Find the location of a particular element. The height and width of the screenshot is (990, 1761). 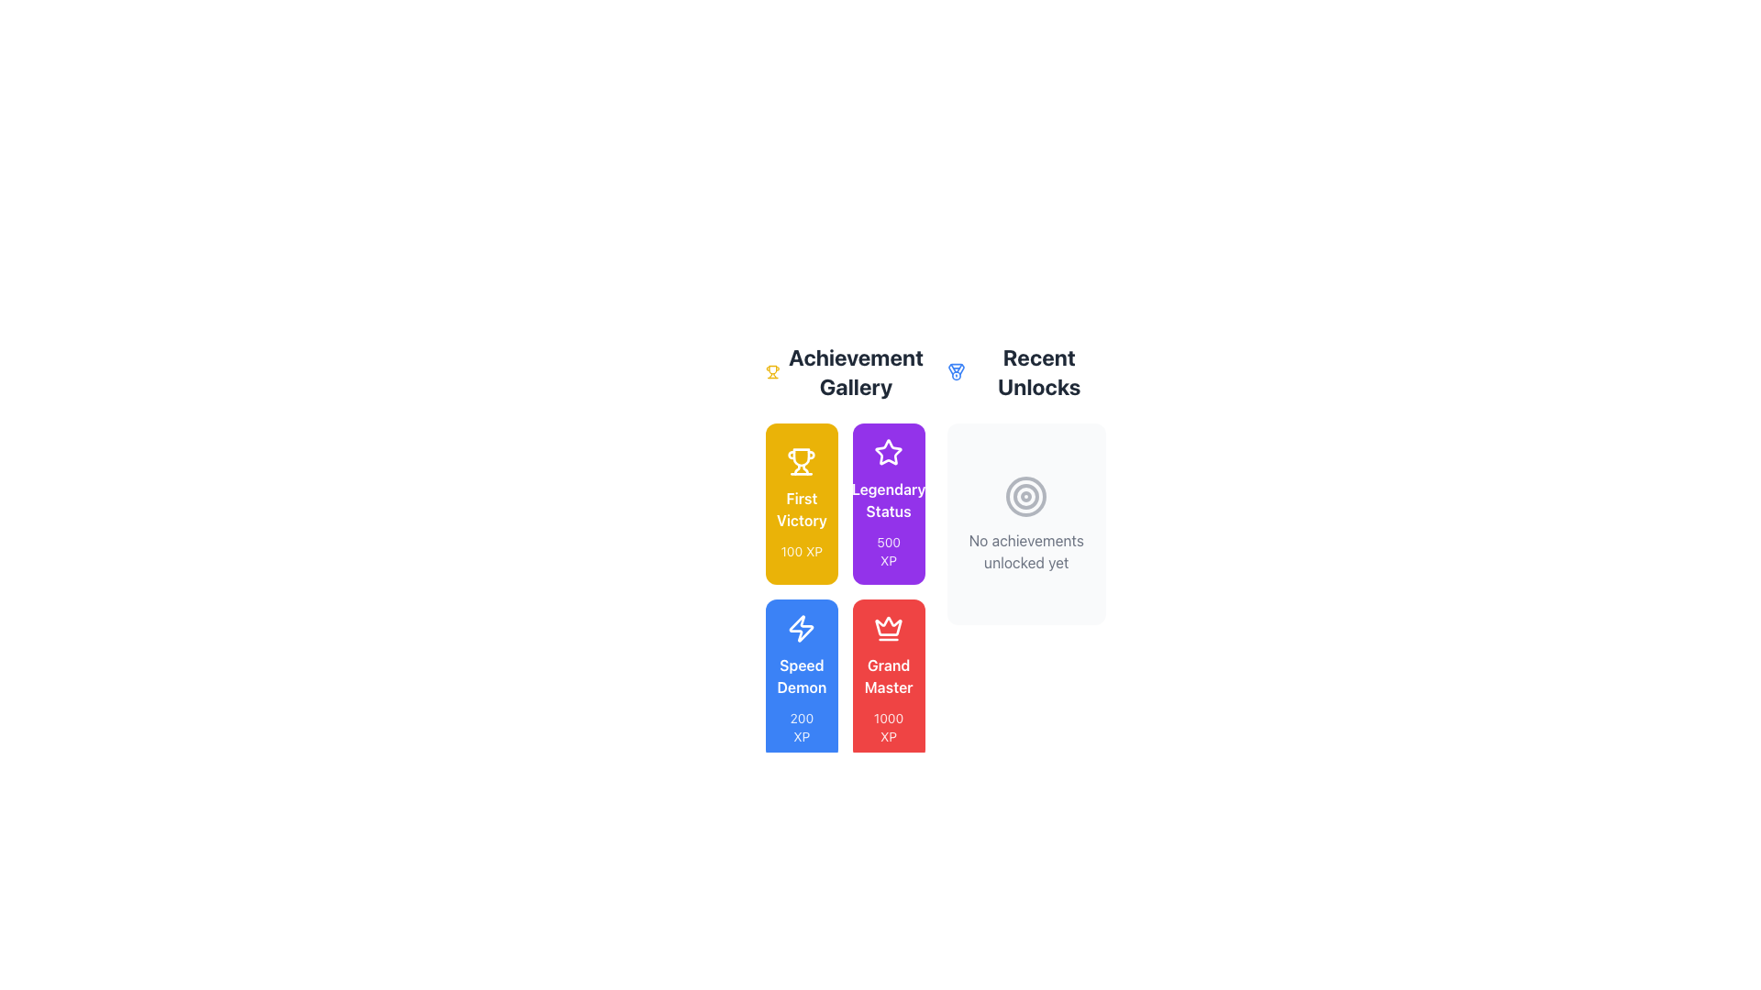

keyboard navigation is located at coordinates (889, 679).